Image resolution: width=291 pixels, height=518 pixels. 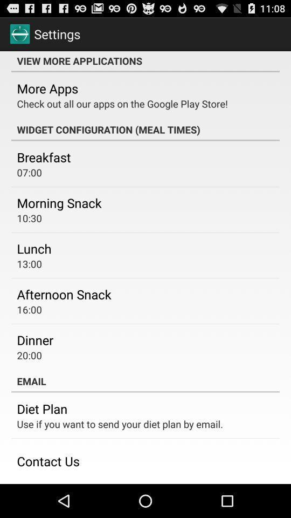 I want to click on the check out all app, so click(x=122, y=104).